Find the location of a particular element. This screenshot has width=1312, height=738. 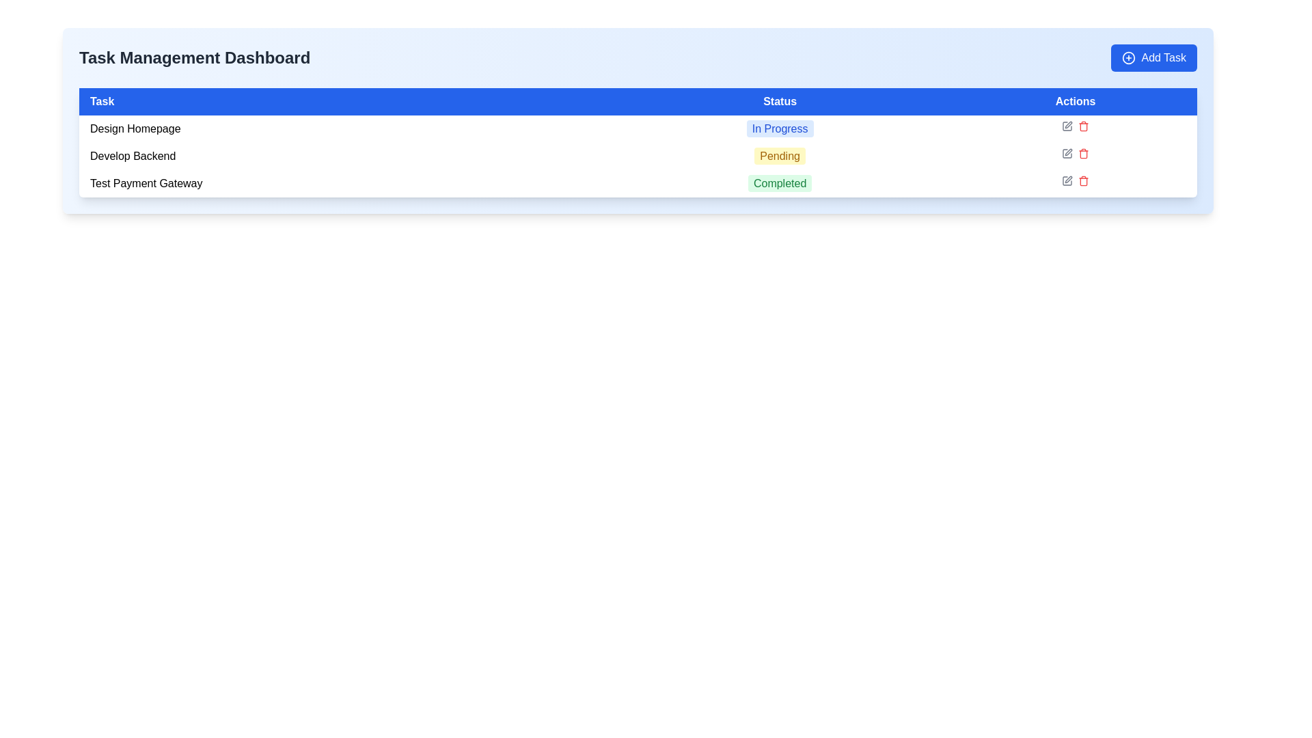

the outlined pen icon button in the Actions column for the task titled 'Test Payment Gateway' is located at coordinates (1068, 178).